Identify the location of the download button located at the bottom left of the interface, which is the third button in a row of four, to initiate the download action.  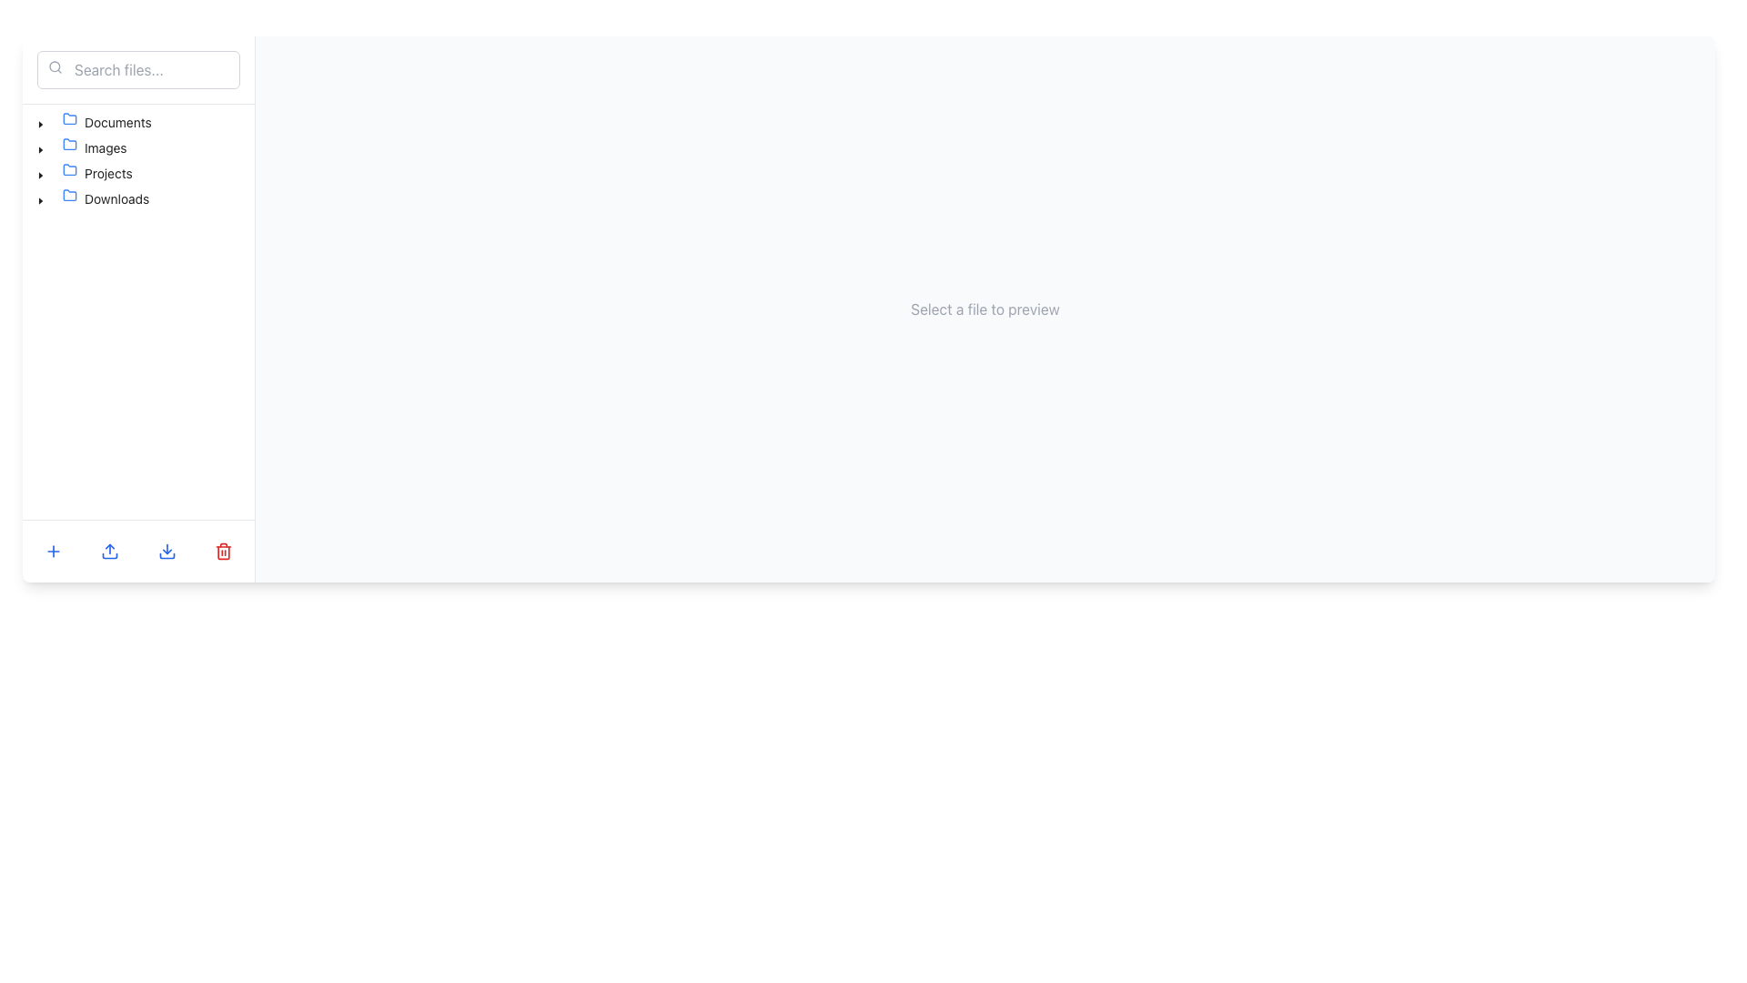
(167, 550).